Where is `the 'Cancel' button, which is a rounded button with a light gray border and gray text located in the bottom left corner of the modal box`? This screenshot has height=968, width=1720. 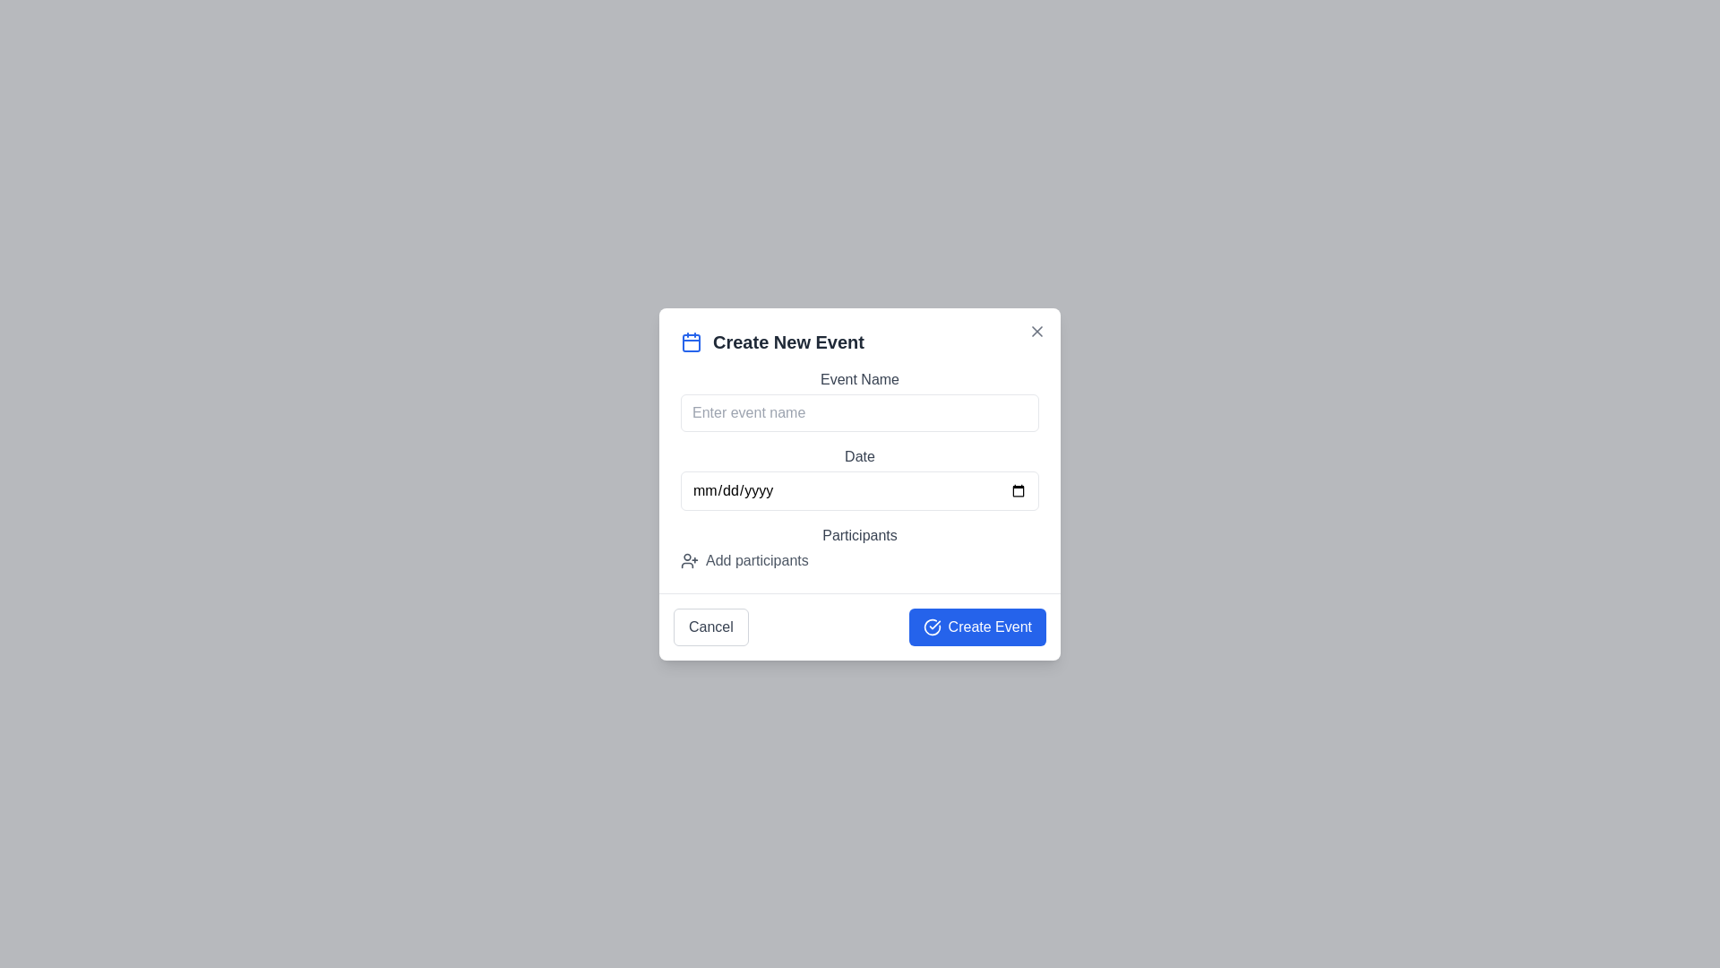 the 'Cancel' button, which is a rounded button with a light gray border and gray text located in the bottom left corner of the modal box is located at coordinates (709, 626).